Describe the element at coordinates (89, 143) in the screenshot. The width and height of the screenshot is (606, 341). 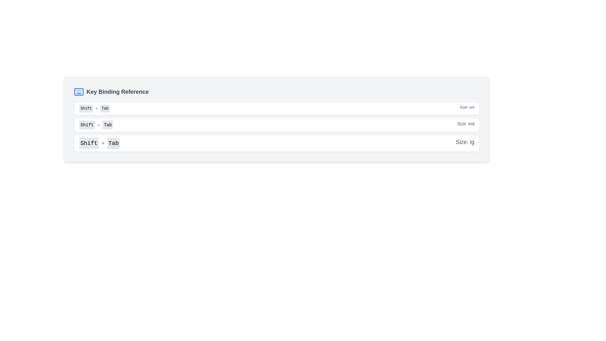
I see `the static display button labeled 'Shift' with a light gray background, located in the third row of buttons, positioned to the left of the '+' symbol` at that location.